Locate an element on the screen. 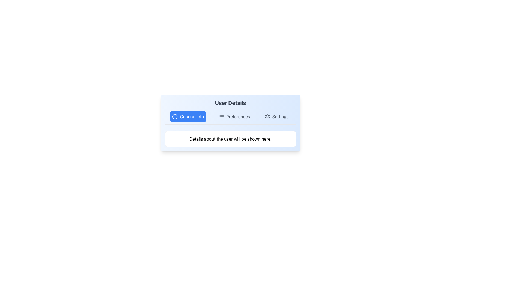  the 'General Info' button by clicking on the informational icon positioned to the left of the 'General Info' text is located at coordinates (175, 116).